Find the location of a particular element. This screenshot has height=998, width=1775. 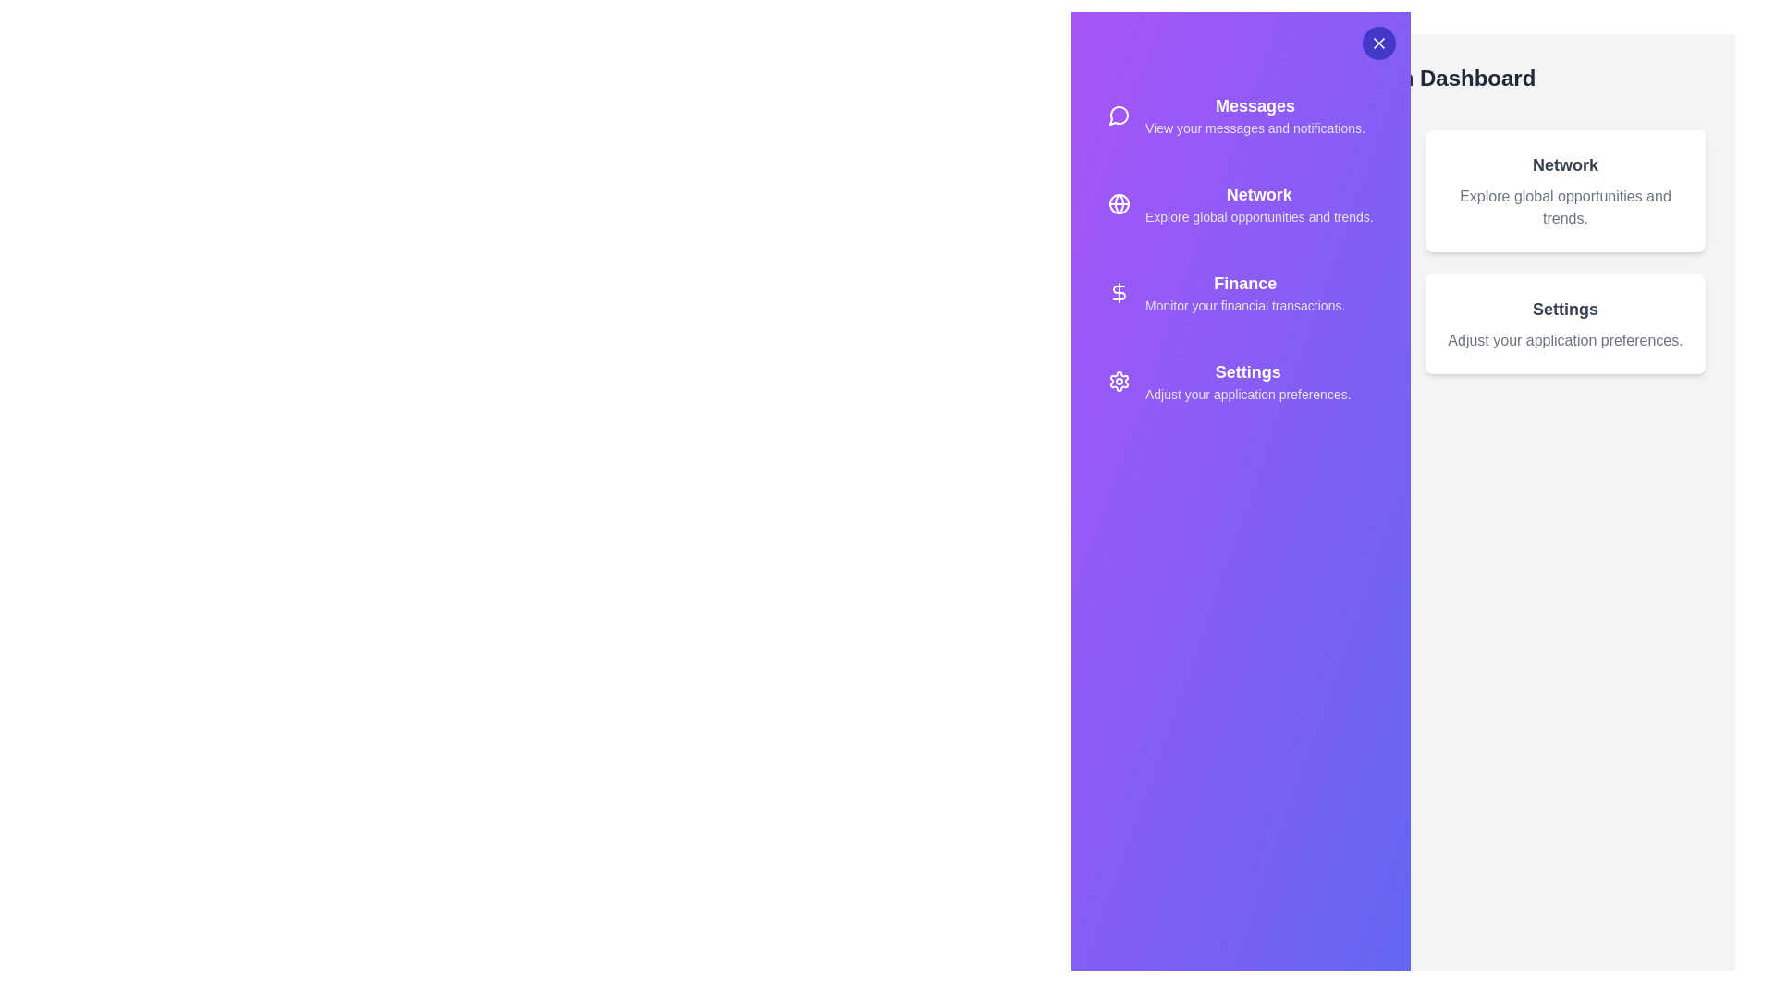

the option Network from the sidebar is located at coordinates (1241, 203).